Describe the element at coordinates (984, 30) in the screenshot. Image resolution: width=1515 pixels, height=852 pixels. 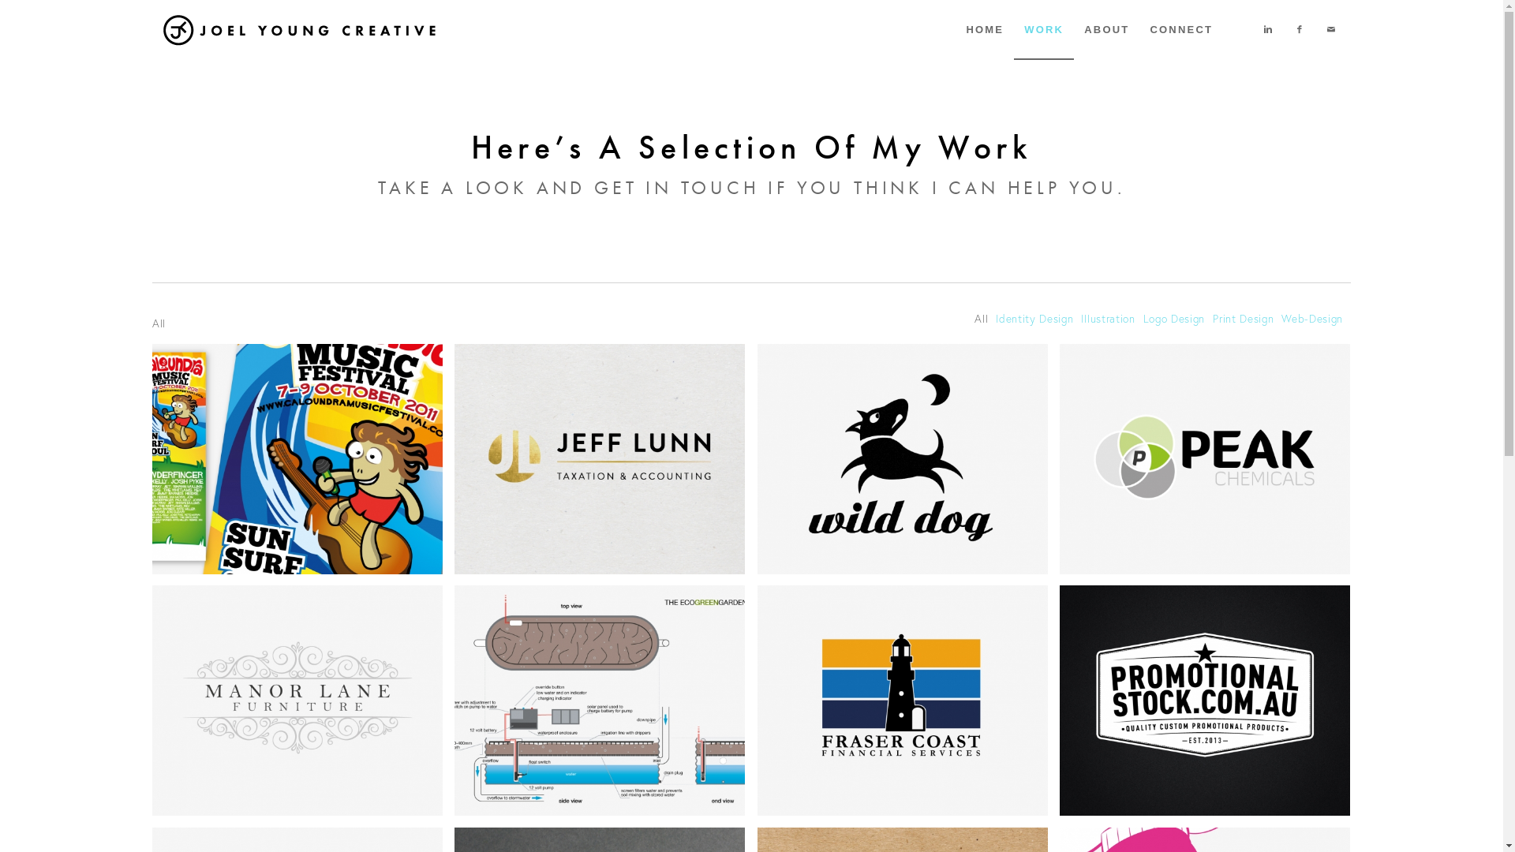
I see `'HOME'` at that location.